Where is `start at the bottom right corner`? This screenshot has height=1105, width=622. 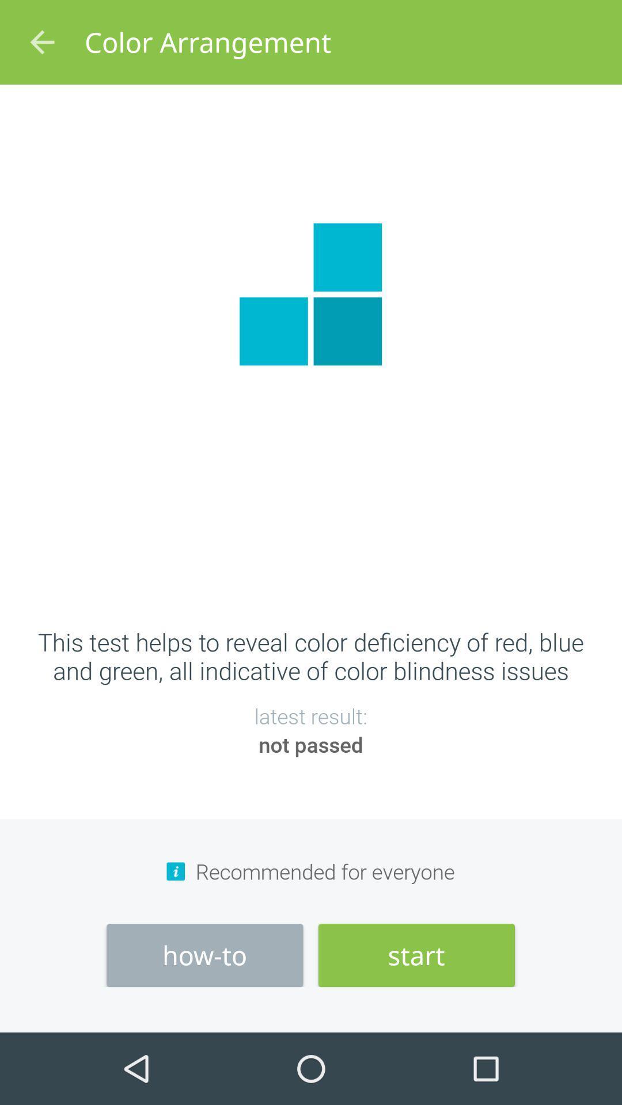
start at the bottom right corner is located at coordinates (416, 955).